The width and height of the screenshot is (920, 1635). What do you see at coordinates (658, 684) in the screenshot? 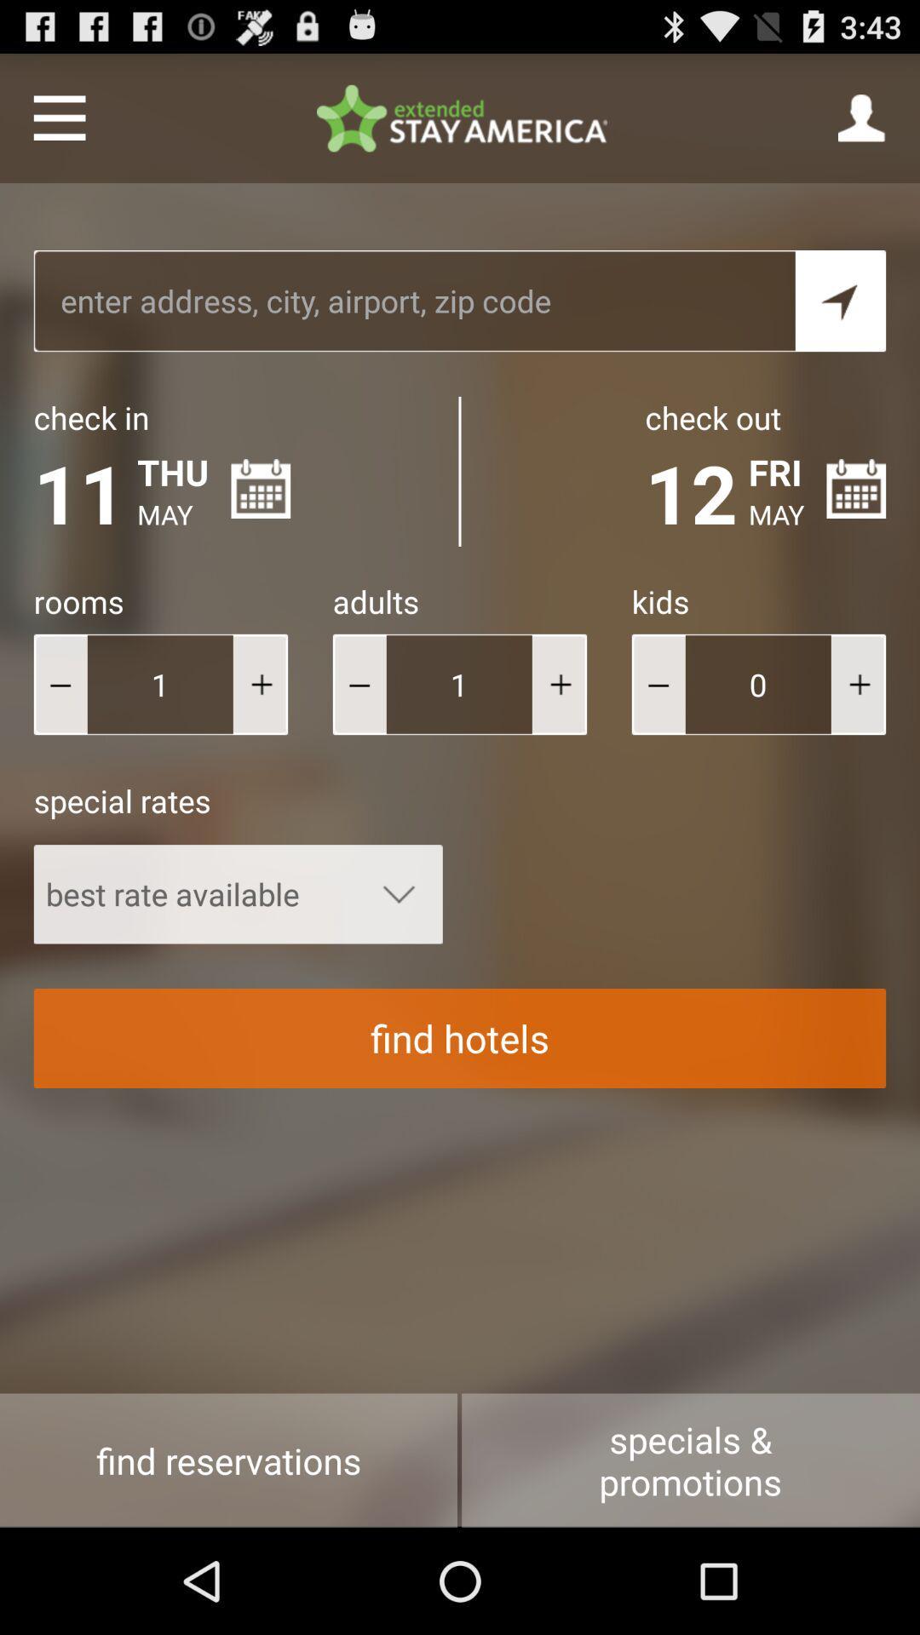
I see `back` at bounding box center [658, 684].